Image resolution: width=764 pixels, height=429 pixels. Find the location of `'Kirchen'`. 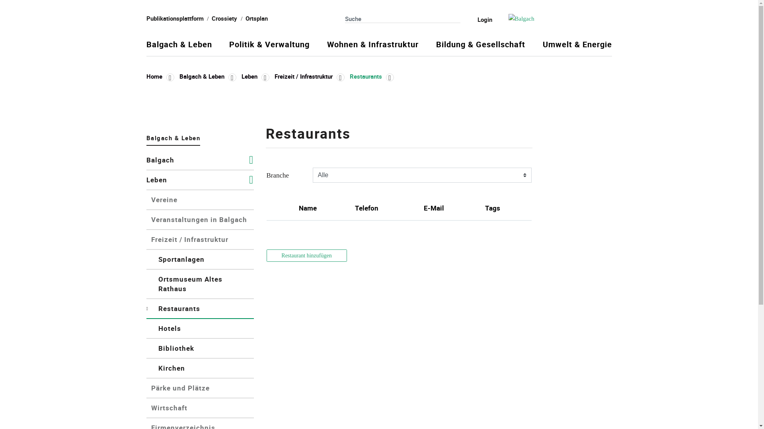

'Kirchen' is located at coordinates (200, 369).